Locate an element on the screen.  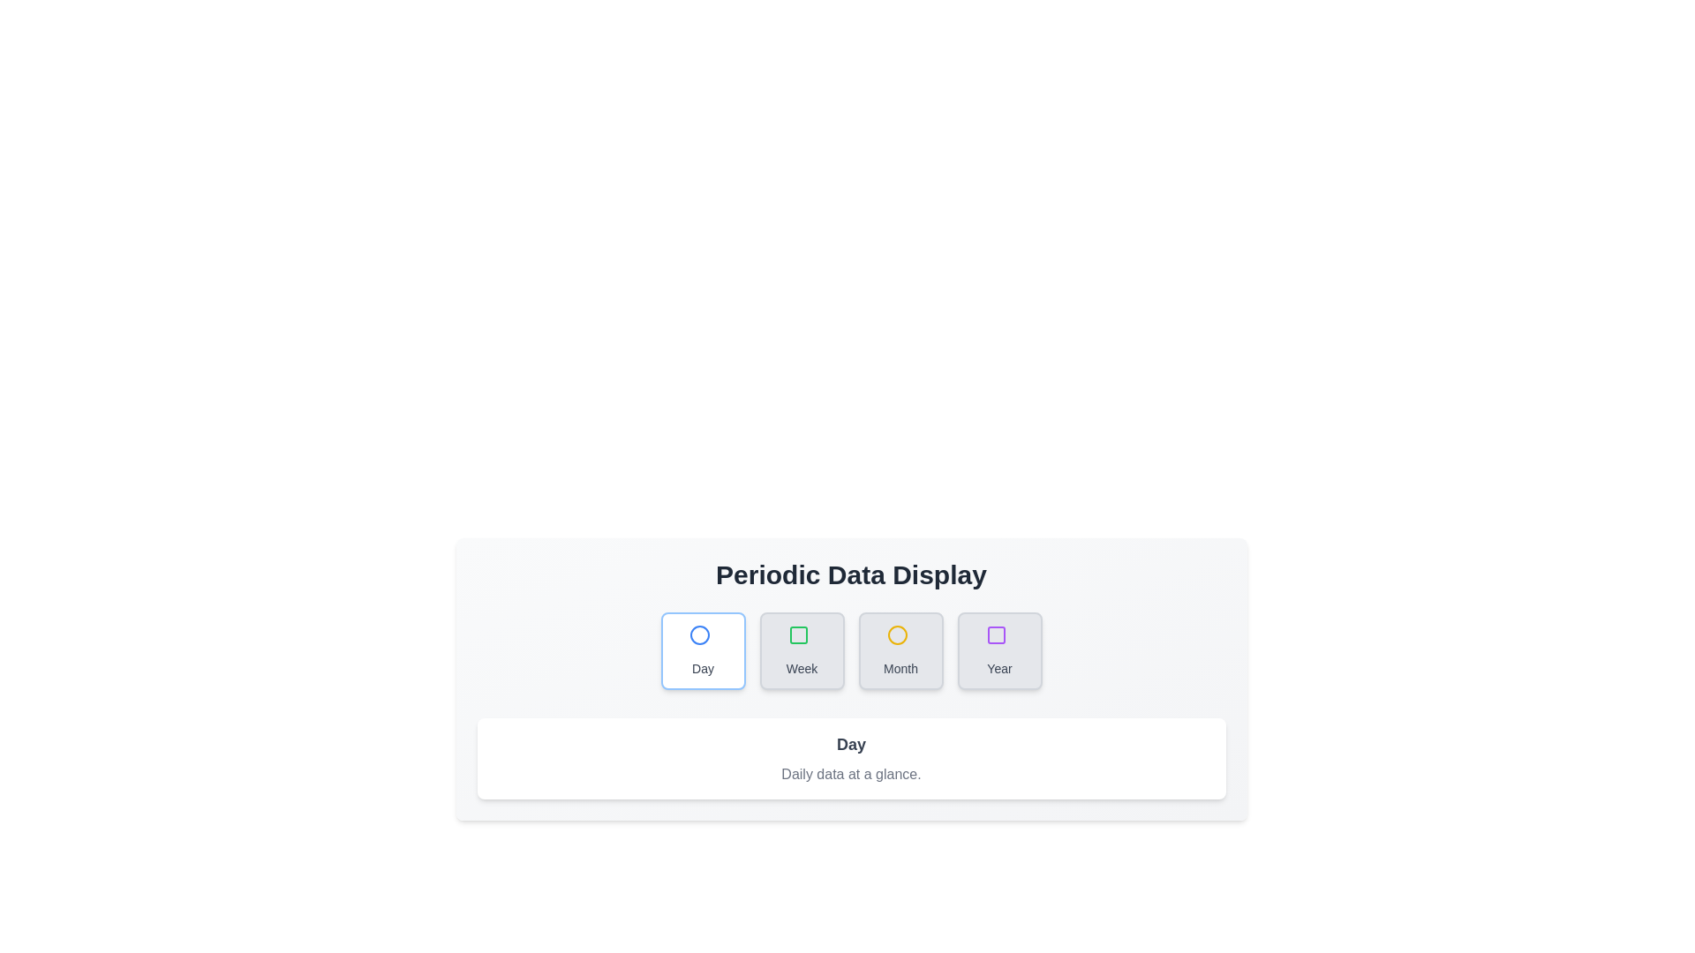
the blue circular icon located in the upper left section of the card labeled 'Day' is located at coordinates (698, 635).